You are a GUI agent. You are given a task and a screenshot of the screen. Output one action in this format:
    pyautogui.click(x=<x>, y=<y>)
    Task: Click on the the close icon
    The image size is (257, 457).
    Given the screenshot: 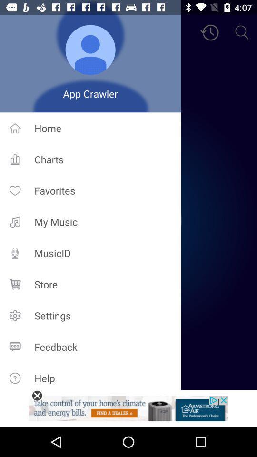 What is the action you would take?
    pyautogui.click(x=37, y=396)
    